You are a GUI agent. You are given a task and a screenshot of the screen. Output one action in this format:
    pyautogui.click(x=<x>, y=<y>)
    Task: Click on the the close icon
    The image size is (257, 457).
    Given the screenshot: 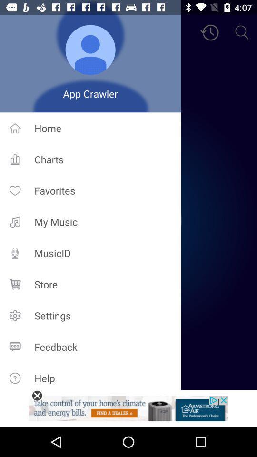 What is the action you would take?
    pyautogui.click(x=37, y=396)
    